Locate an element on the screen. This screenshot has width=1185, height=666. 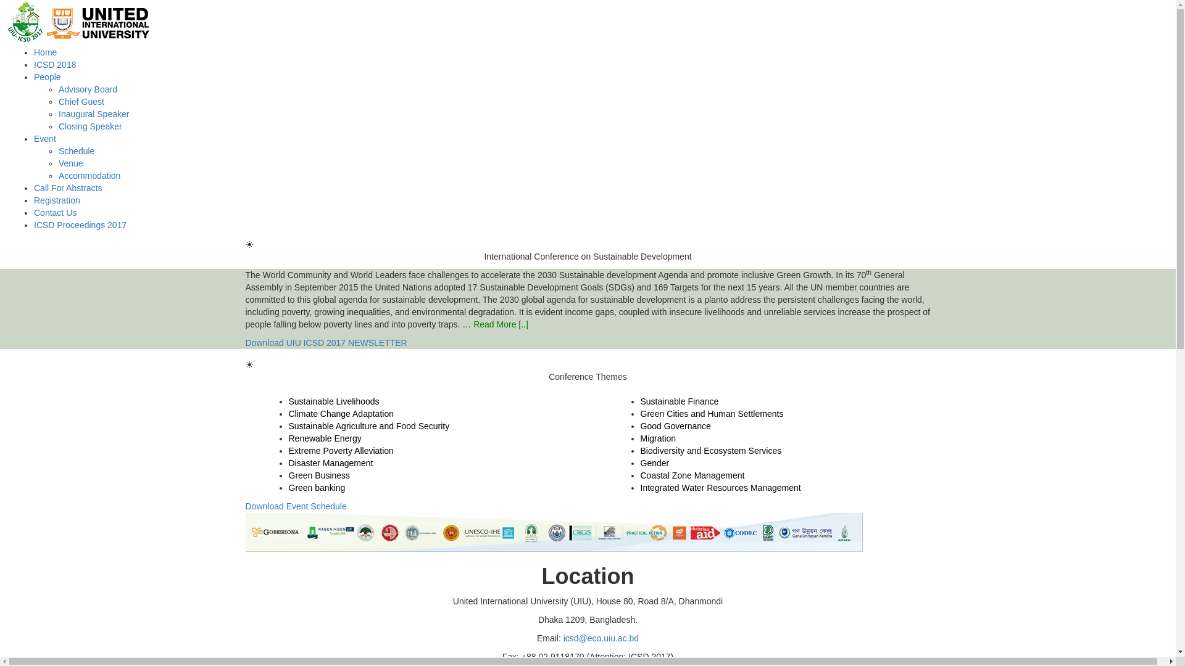
'Inaugural Speaker' is located at coordinates (93, 114).